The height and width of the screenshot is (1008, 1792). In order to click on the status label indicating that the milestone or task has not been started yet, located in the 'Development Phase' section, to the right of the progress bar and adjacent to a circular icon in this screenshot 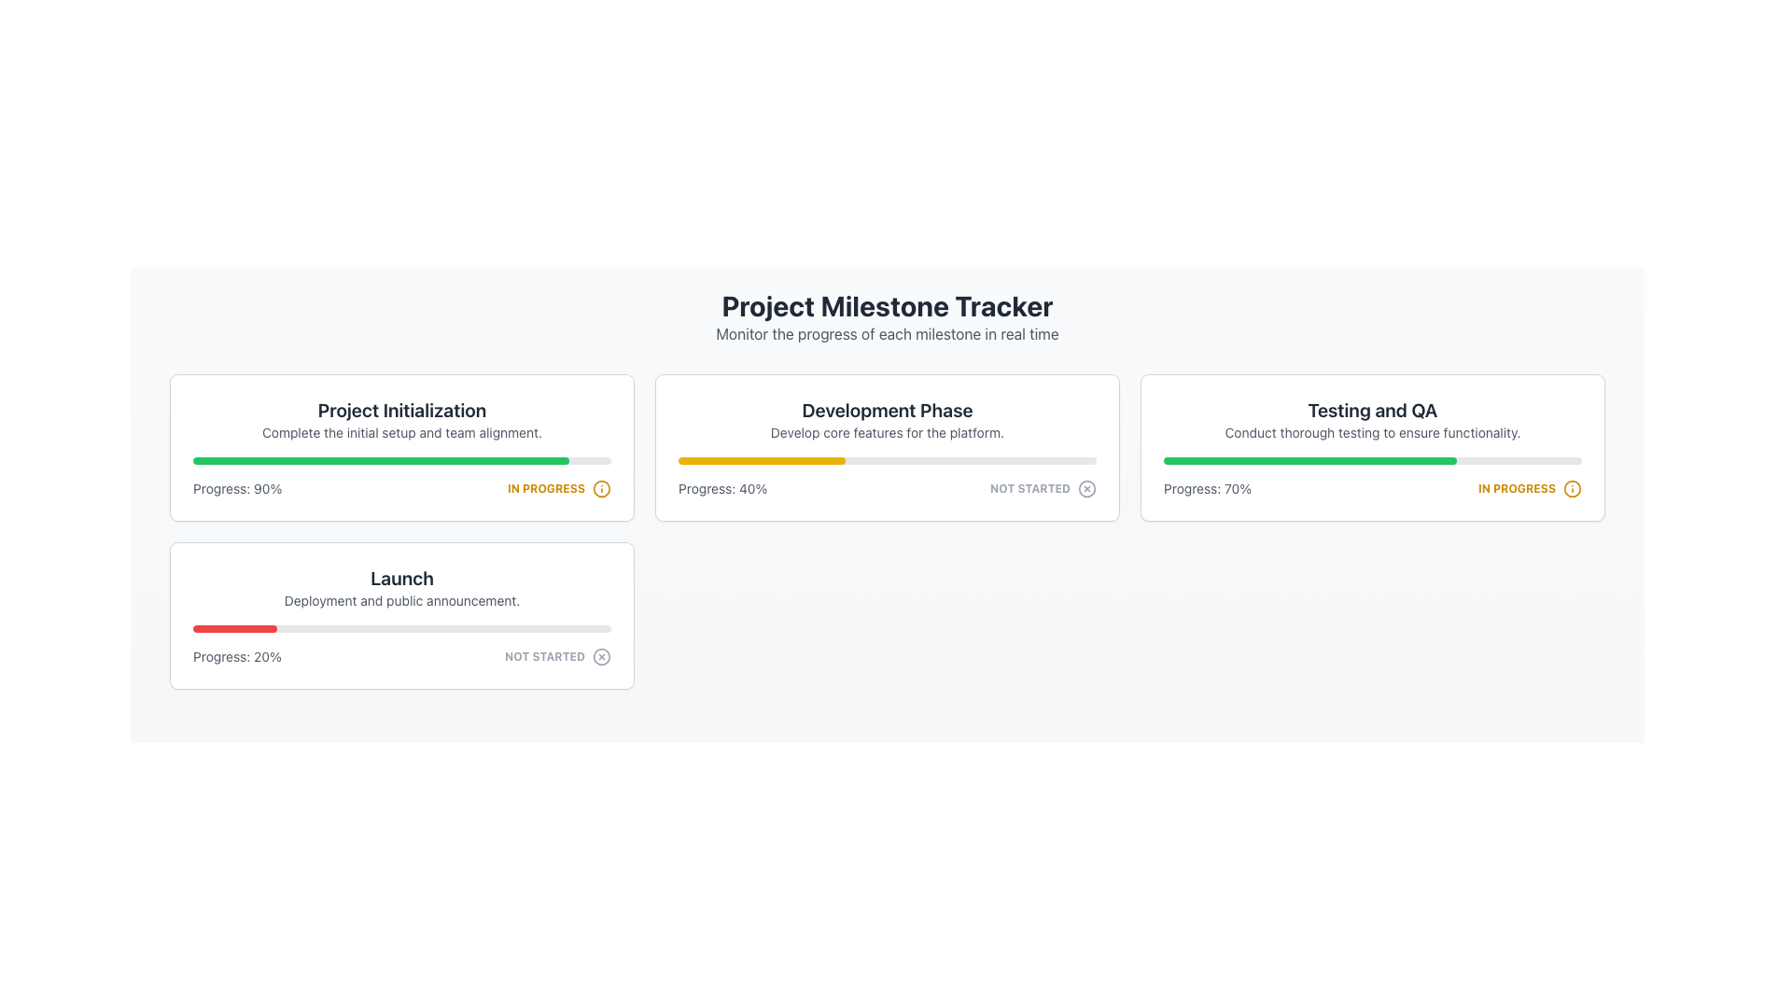, I will do `click(1029, 488)`.